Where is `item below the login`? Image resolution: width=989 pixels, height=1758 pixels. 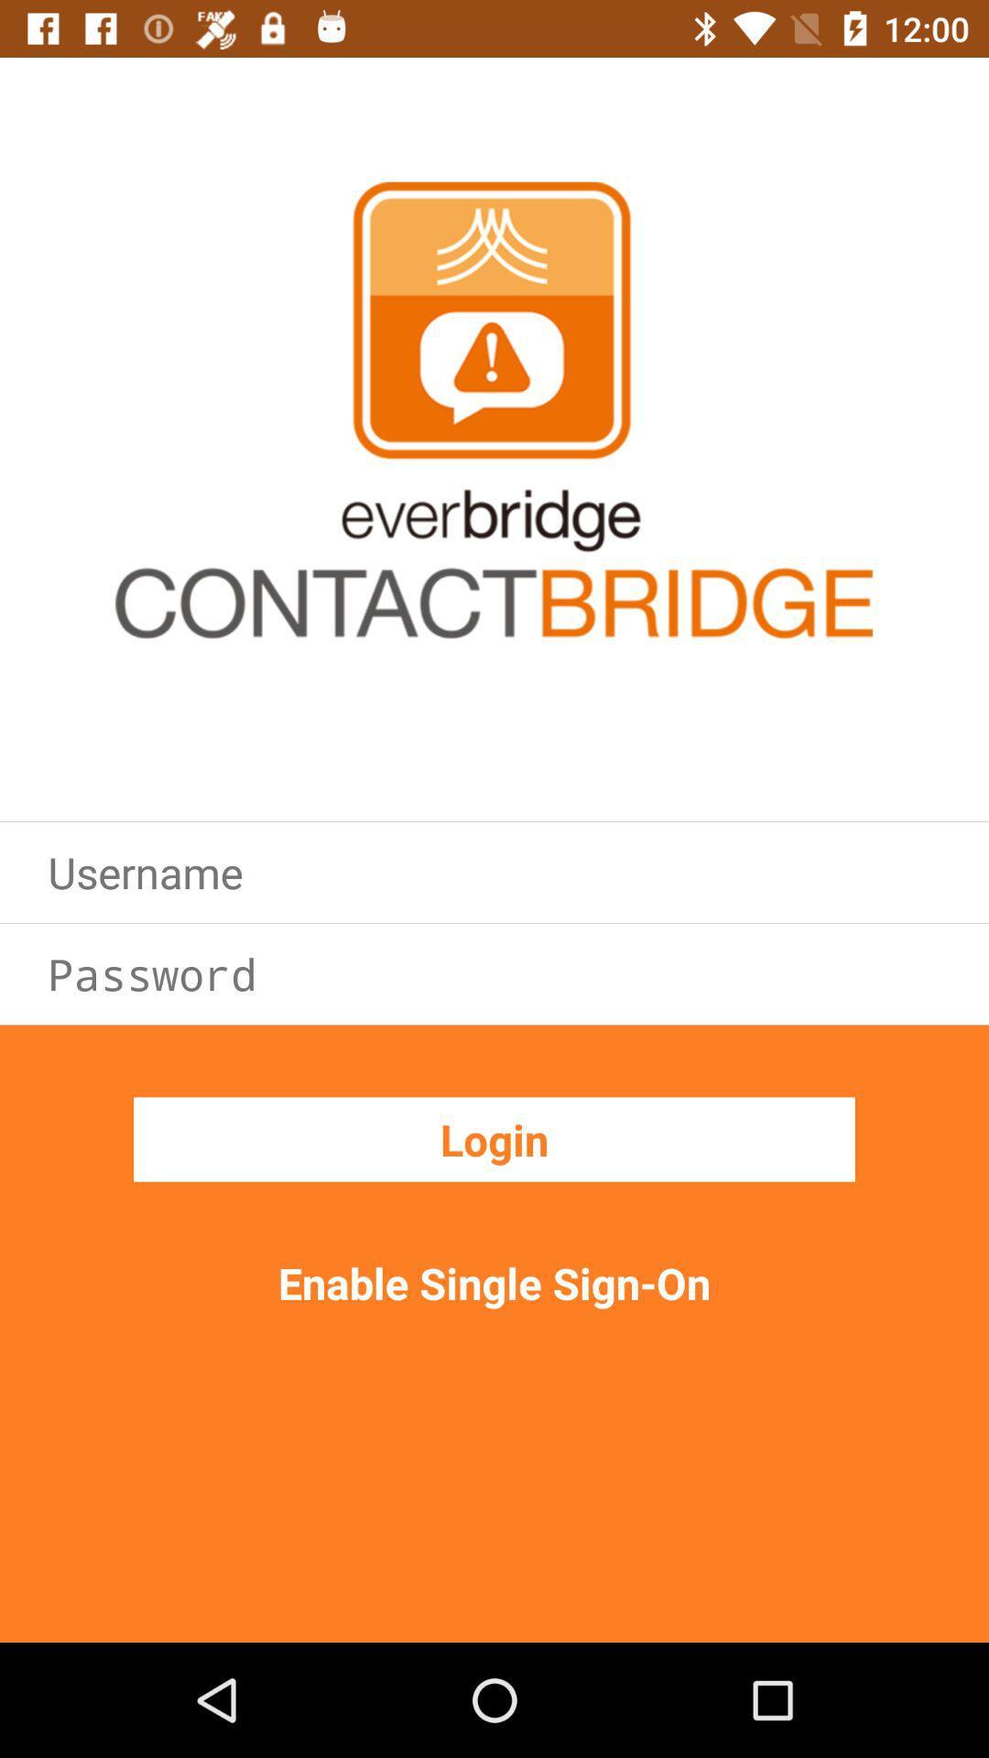 item below the login is located at coordinates (494, 1282).